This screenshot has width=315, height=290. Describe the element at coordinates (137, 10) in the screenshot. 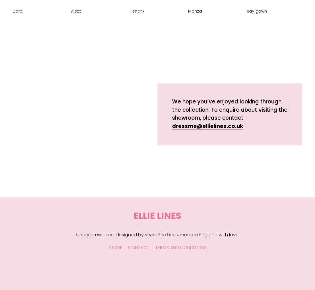

I see `'Hendrix'` at that location.